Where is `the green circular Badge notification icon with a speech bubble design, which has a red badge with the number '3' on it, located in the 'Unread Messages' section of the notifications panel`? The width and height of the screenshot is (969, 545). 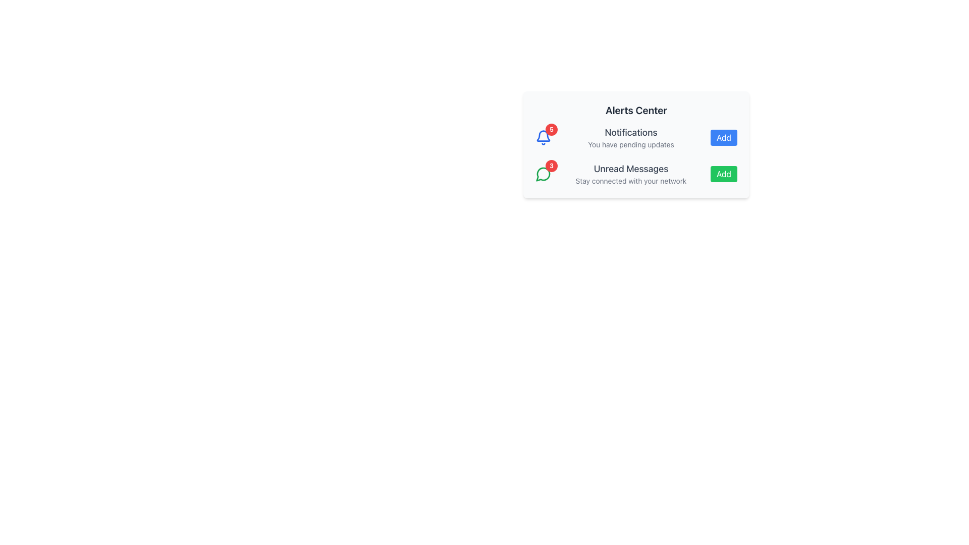 the green circular Badge notification icon with a speech bubble design, which has a red badge with the number '3' on it, located in the 'Unread Messages' section of the notifications panel is located at coordinates (543, 173).